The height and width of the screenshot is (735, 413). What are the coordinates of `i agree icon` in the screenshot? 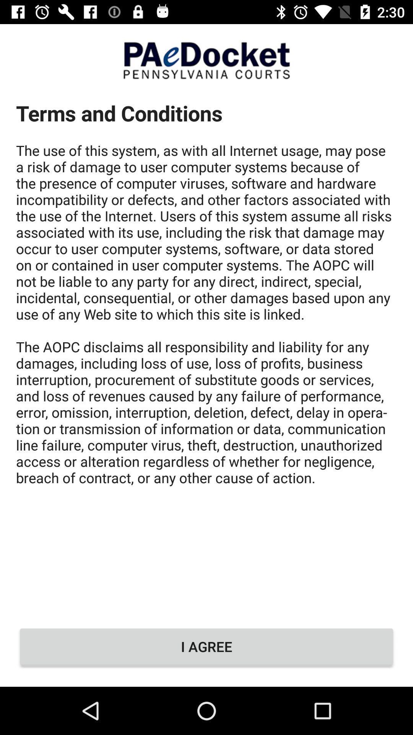 It's located at (206, 646).